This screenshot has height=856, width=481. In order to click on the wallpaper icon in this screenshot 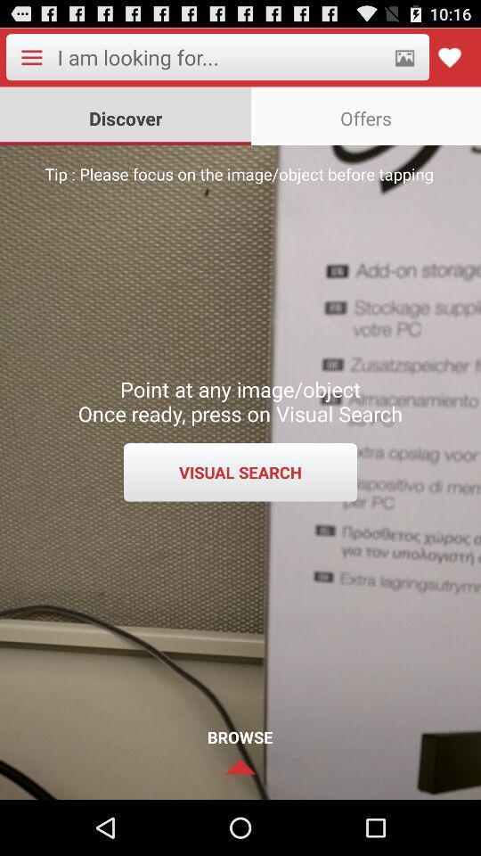, I will do `click(404, 61)`.